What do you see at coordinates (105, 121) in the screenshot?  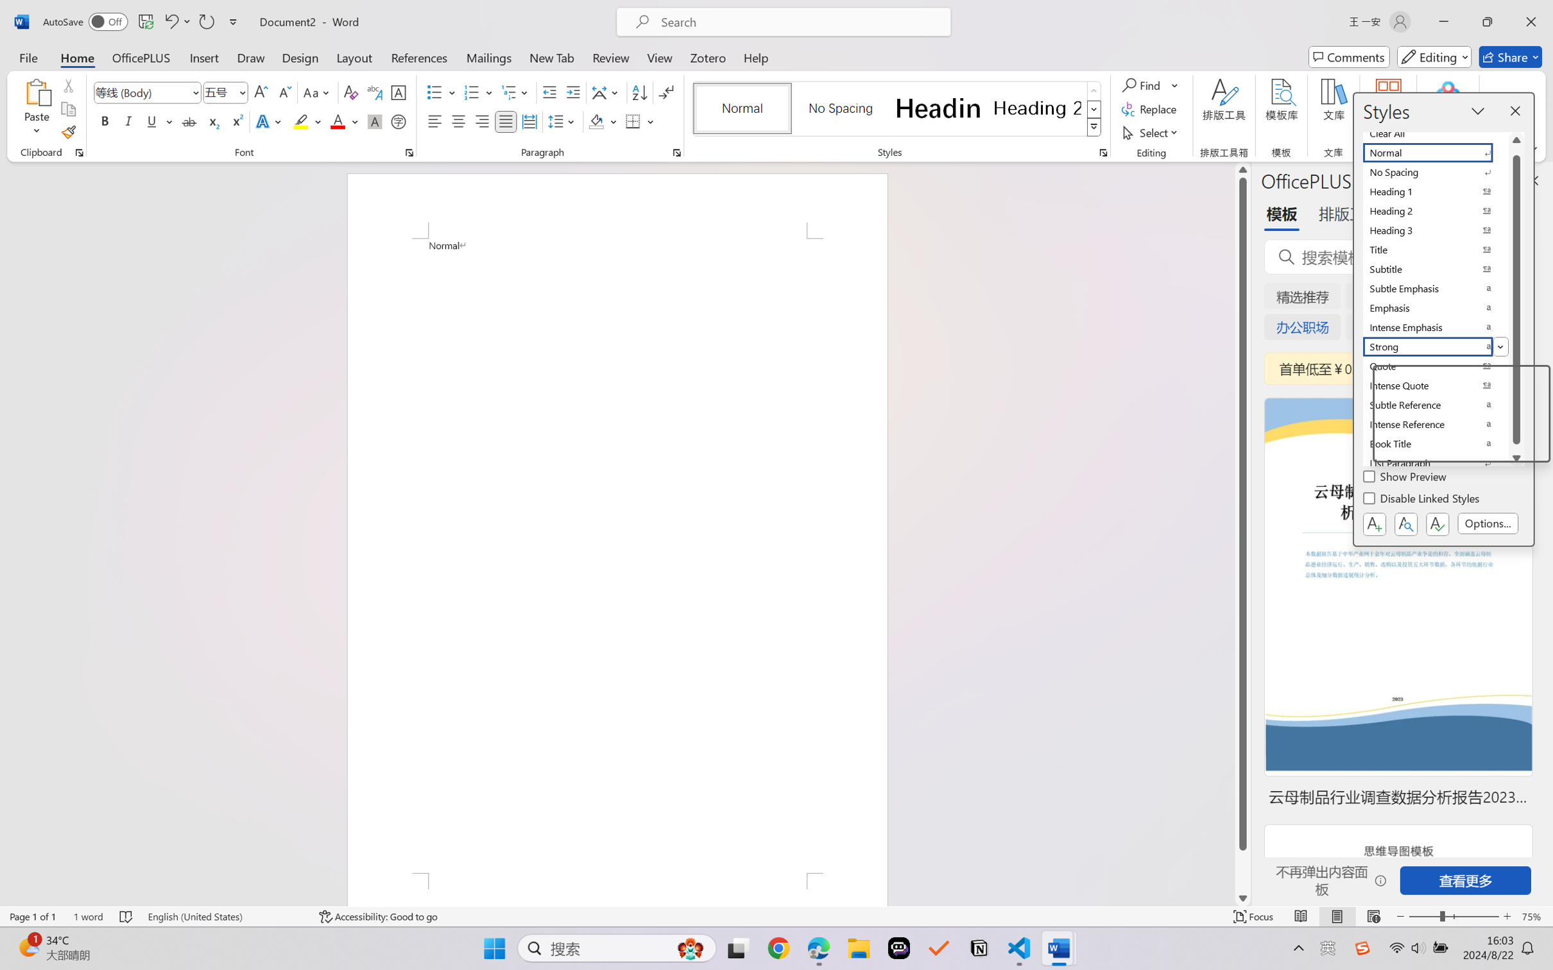 I see `'Bold'` at bounding box center [105, 121].